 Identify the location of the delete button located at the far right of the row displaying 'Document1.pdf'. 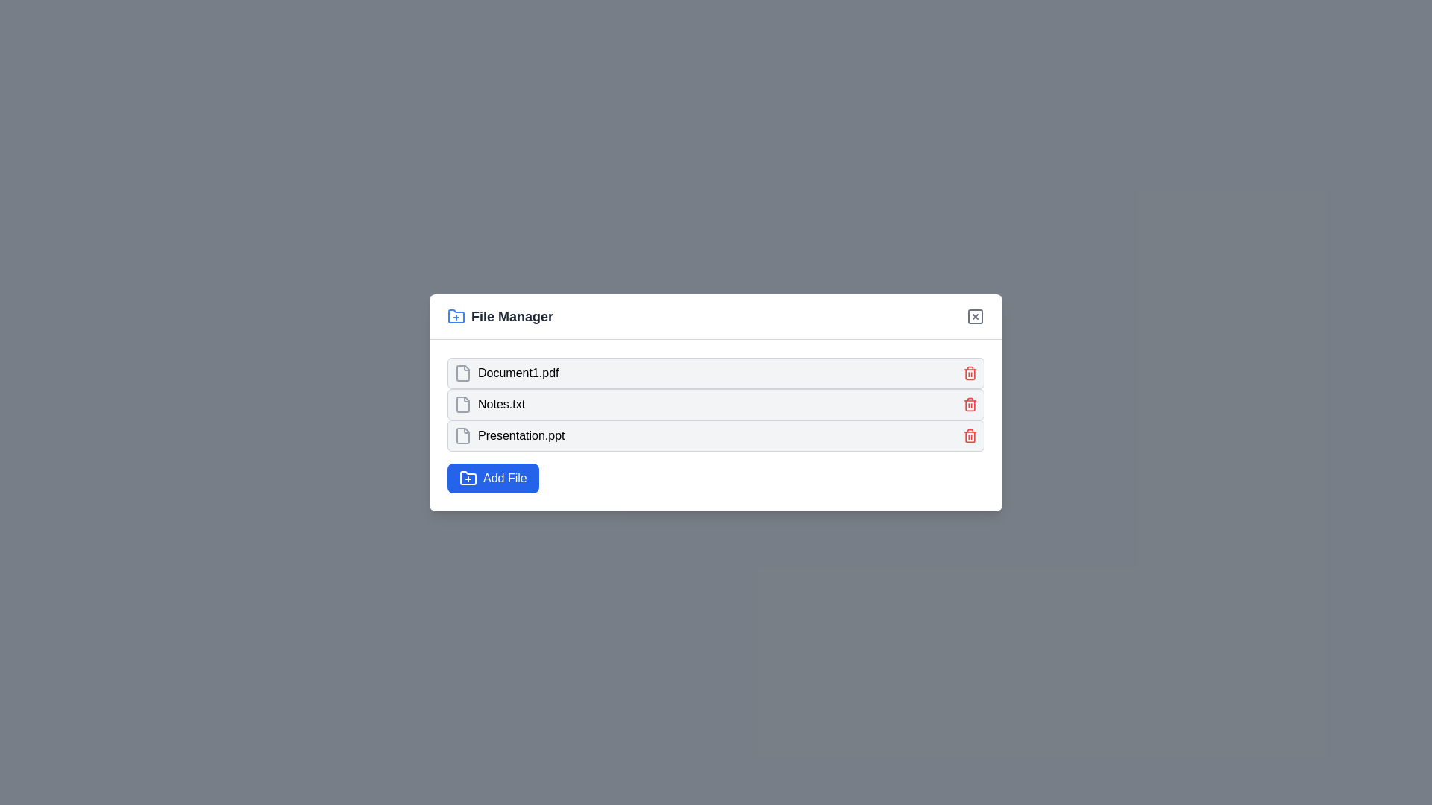
(970, 372).